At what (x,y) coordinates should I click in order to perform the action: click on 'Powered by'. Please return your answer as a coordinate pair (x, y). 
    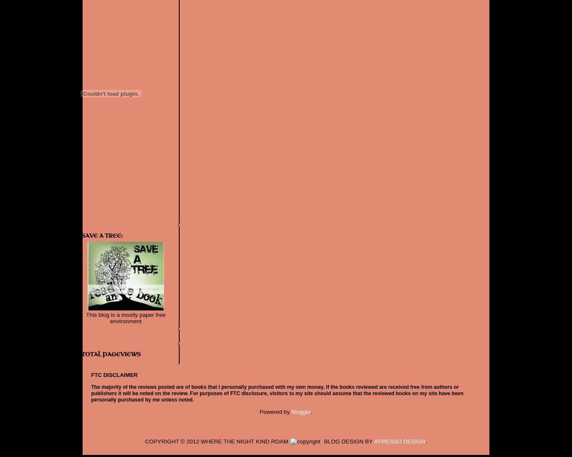
    Looking at the image, I should click on (275, 411).